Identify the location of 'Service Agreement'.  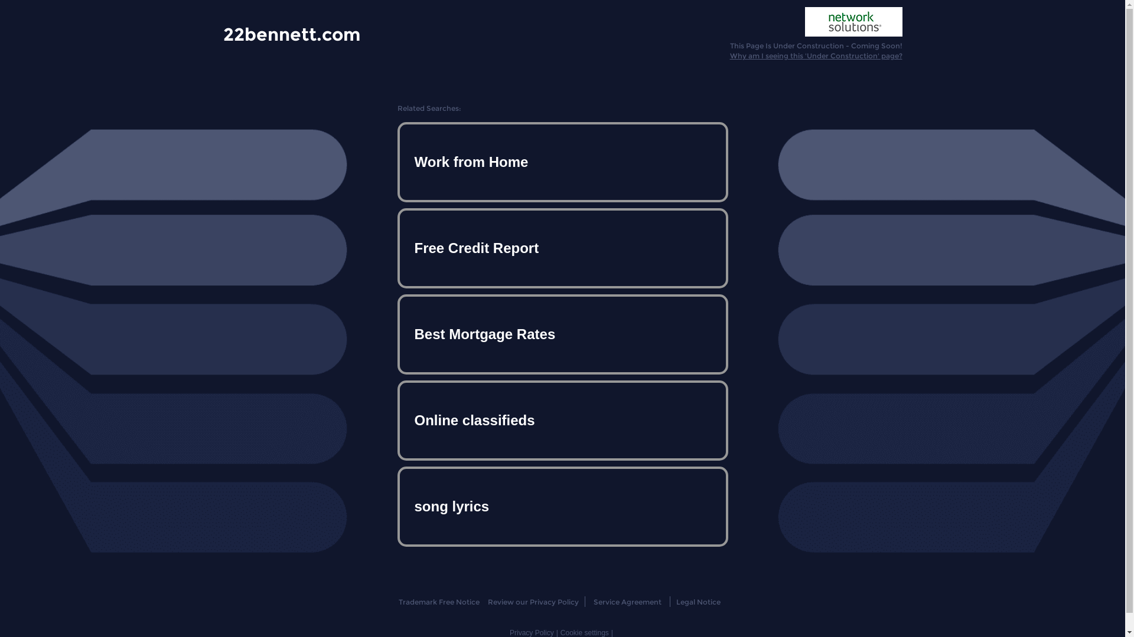
(593, 602).